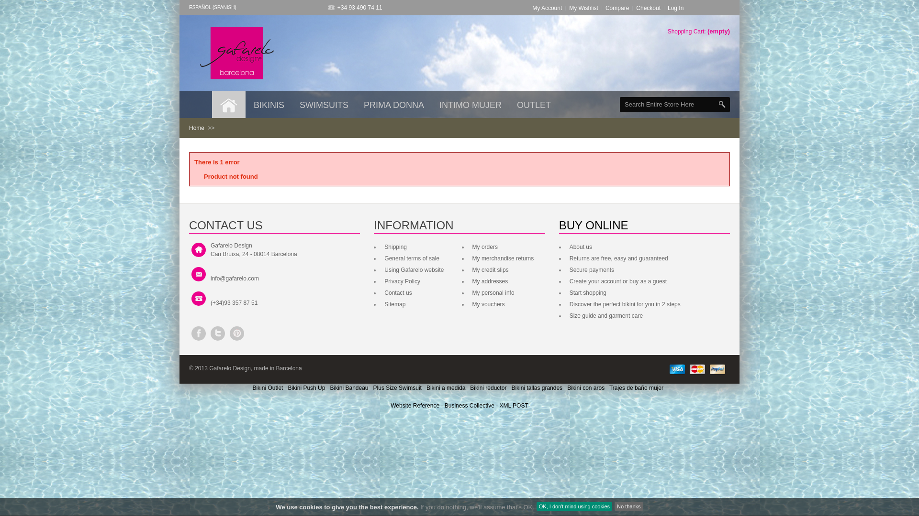 The height and width of the screenshot is (516, 919). Describe the element at coordinates (514, 405) in the screenshot. I see `'XML POST'` at that location.